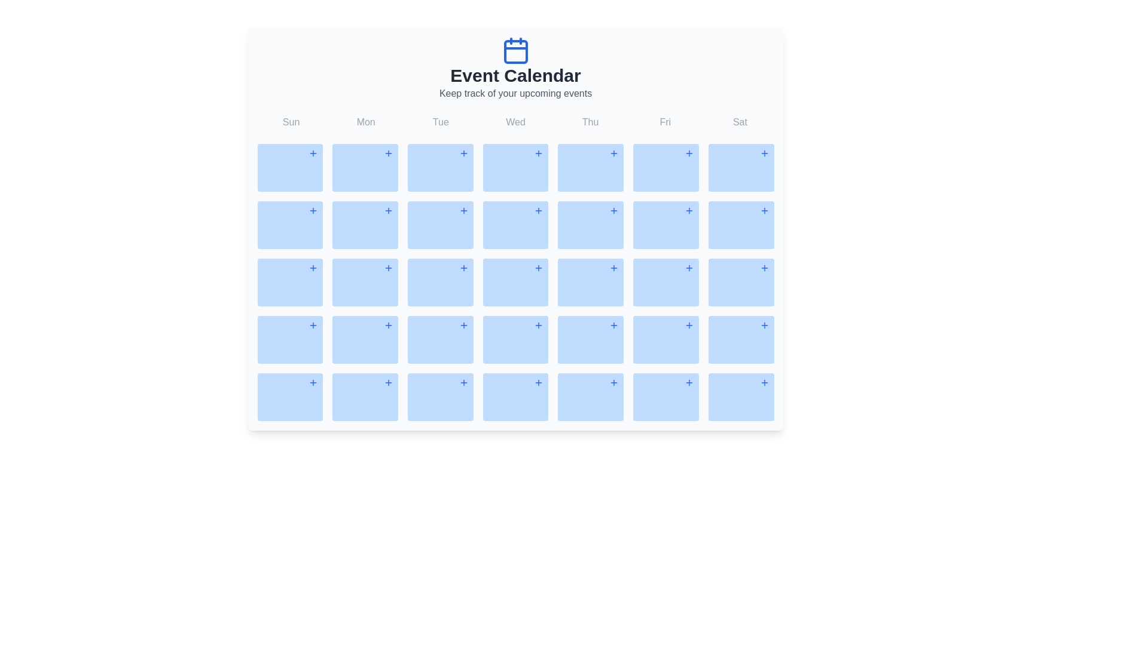 Image resolution: width=1148 pixels, height=645 pixels. I want to click on the first clickable date cell, so click(290, 397).